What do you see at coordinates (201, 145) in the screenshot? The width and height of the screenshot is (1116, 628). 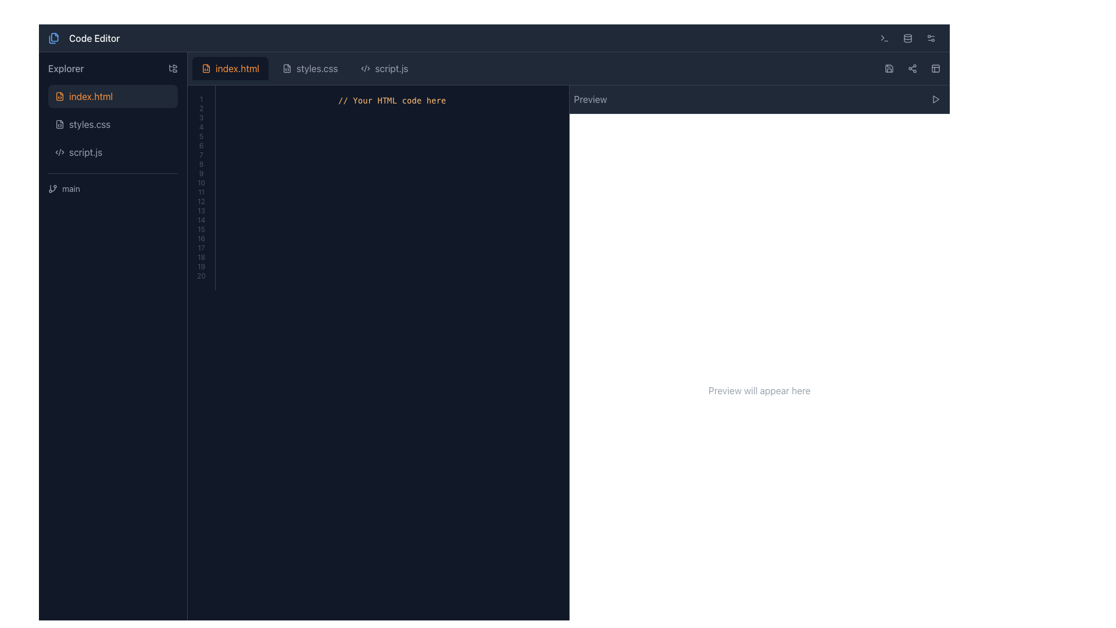 I see `the static text label that indicates the 6th line of code in the code editor, located at the left border of the interface` at bounding box center [201, 145].